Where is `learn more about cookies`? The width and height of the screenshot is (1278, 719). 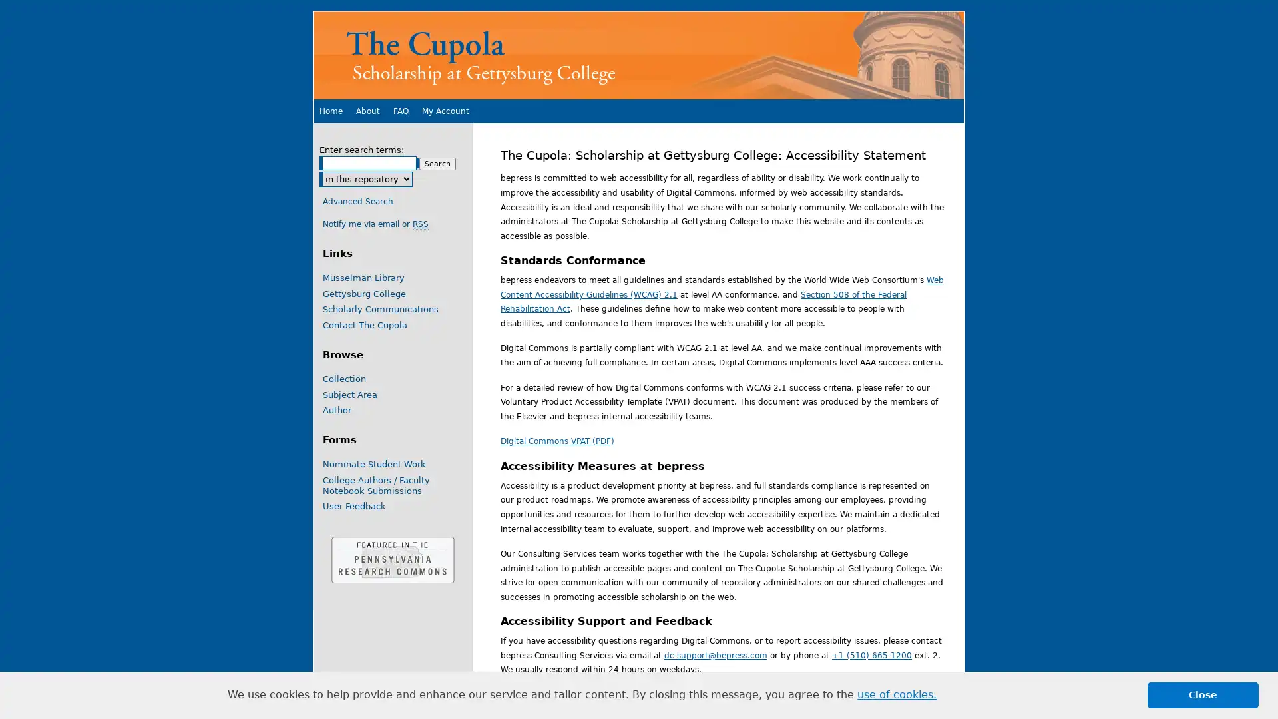 learn more about cookies is located at coordinates (897, 694).